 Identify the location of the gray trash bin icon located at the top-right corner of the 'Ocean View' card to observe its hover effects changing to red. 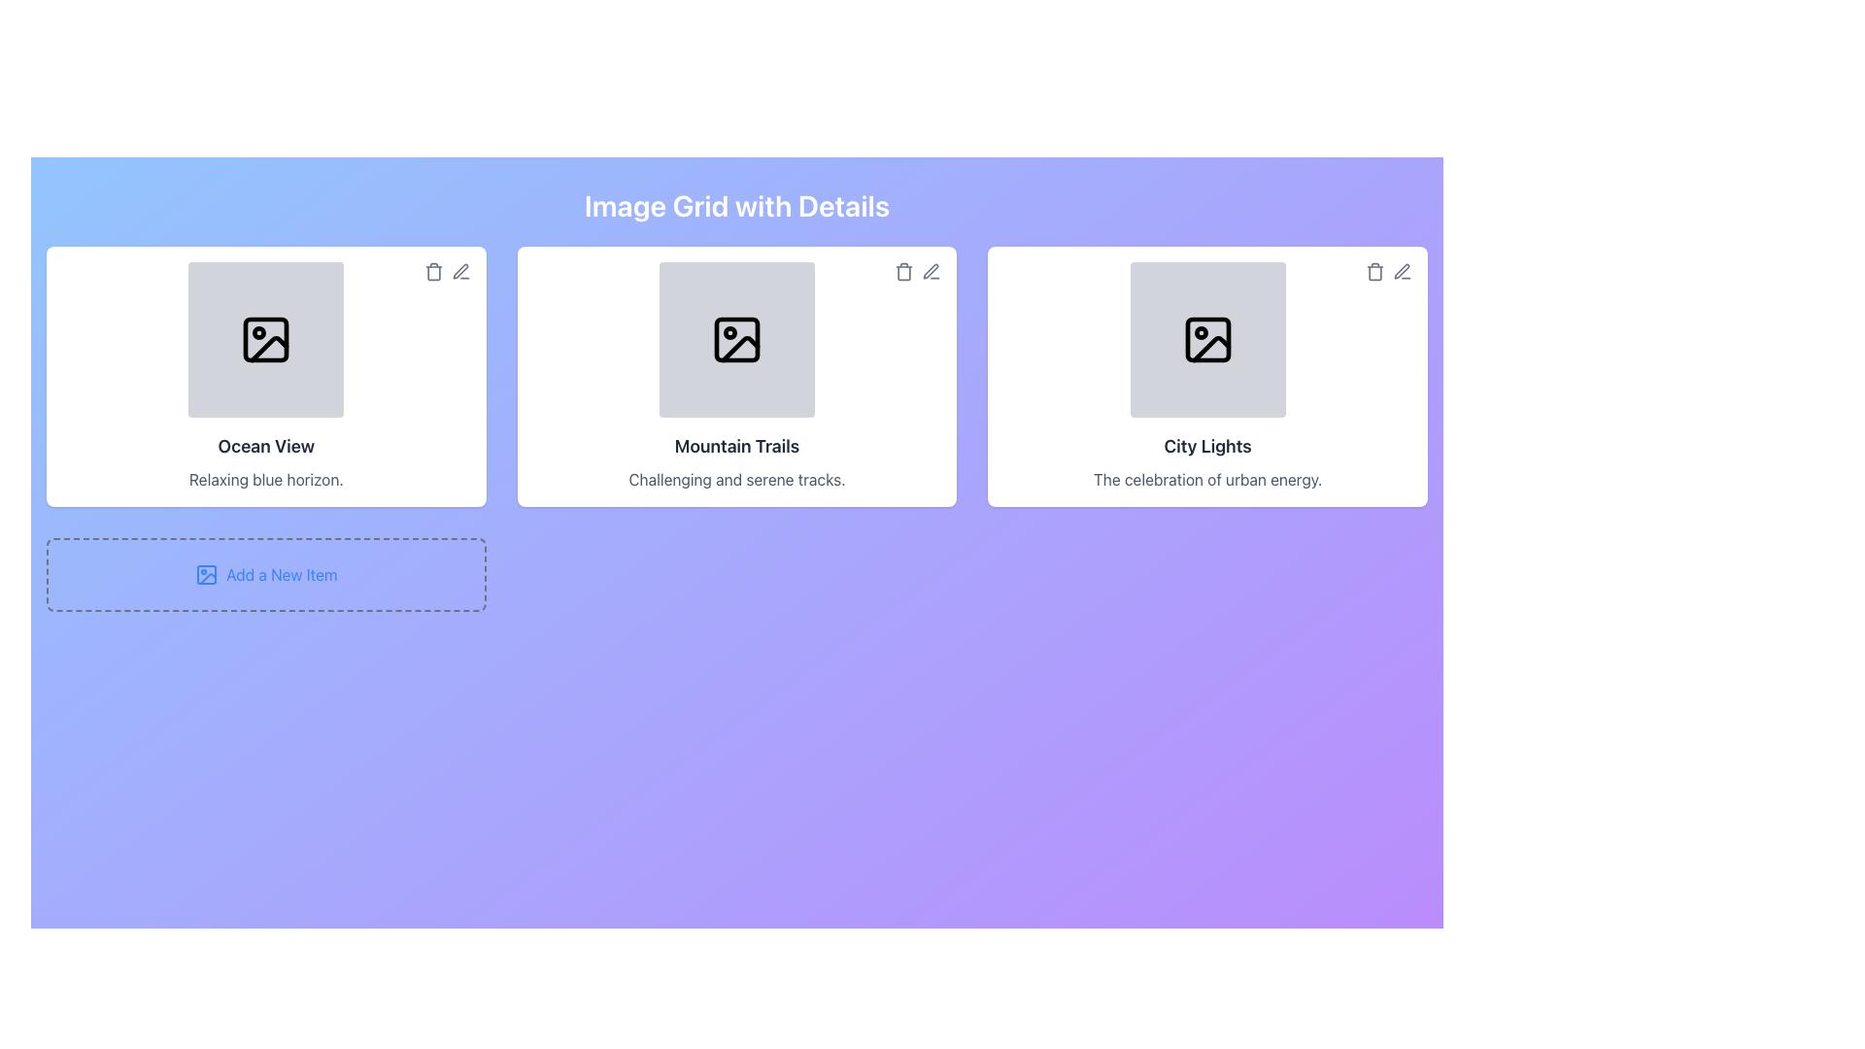
(432, 272).